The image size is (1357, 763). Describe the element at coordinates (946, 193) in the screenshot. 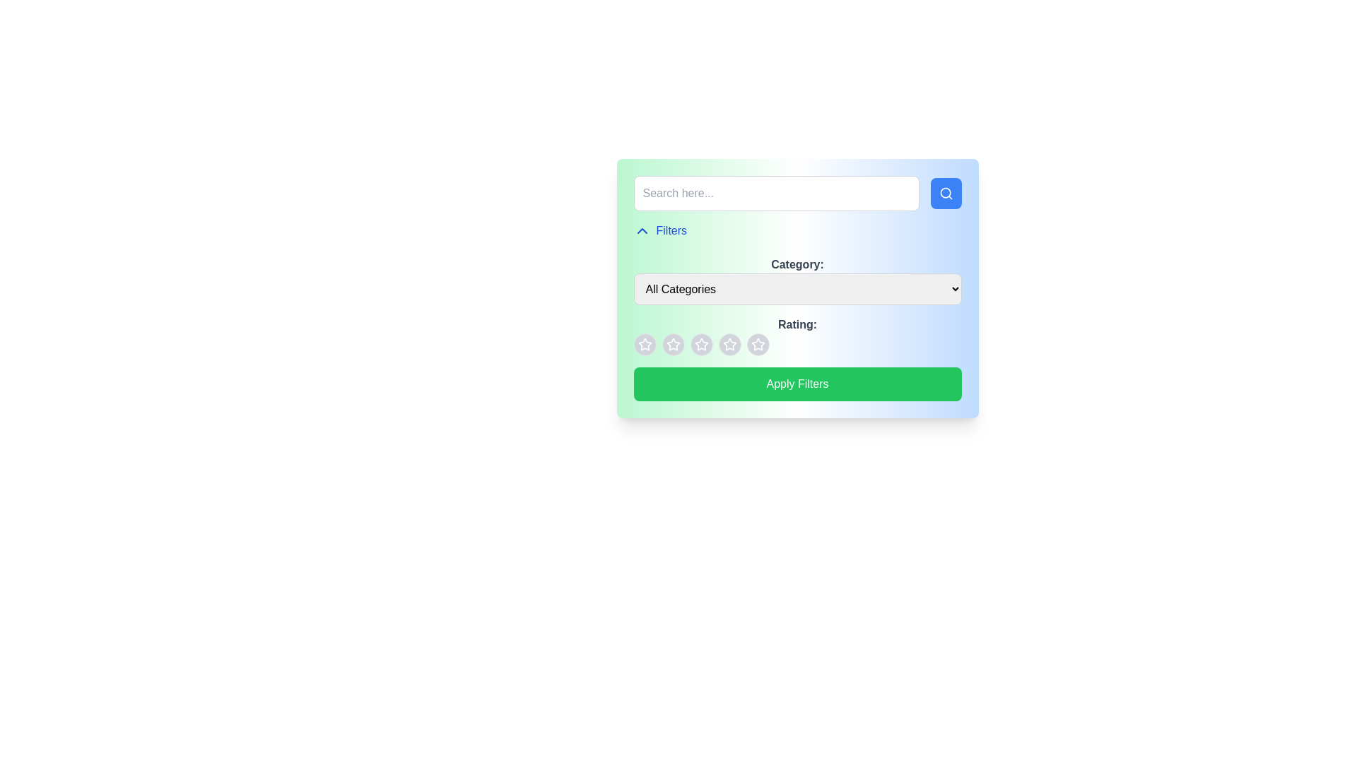

I see `the magnifying glass icon located within the blue, rounded rectangular button at the top-right corner of the search interface to initiate a search` at that location.